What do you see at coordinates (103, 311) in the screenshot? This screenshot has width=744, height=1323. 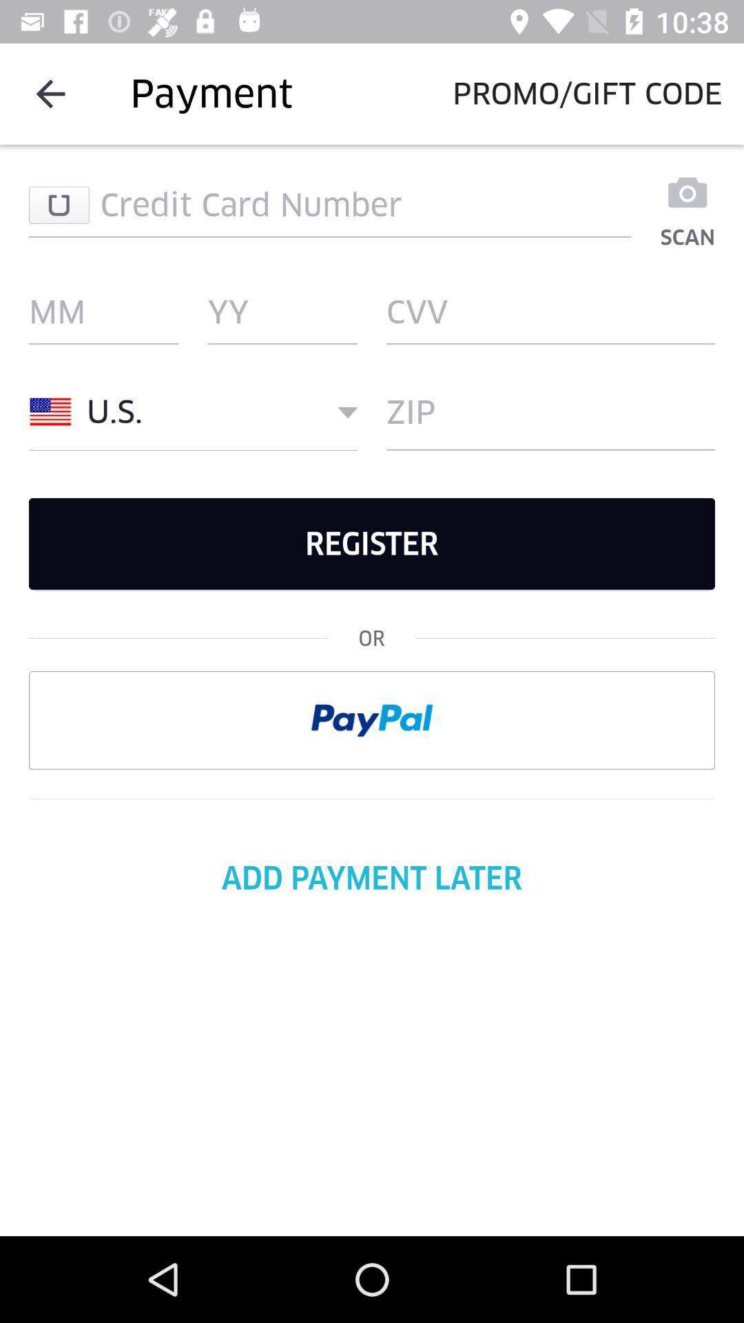 I see `type the month` at bounding box center [103, 311].